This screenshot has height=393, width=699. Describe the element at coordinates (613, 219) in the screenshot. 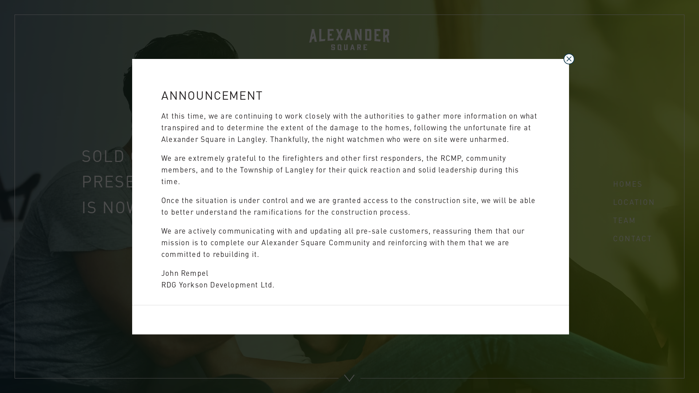

I see `'TEAM'` at that location.